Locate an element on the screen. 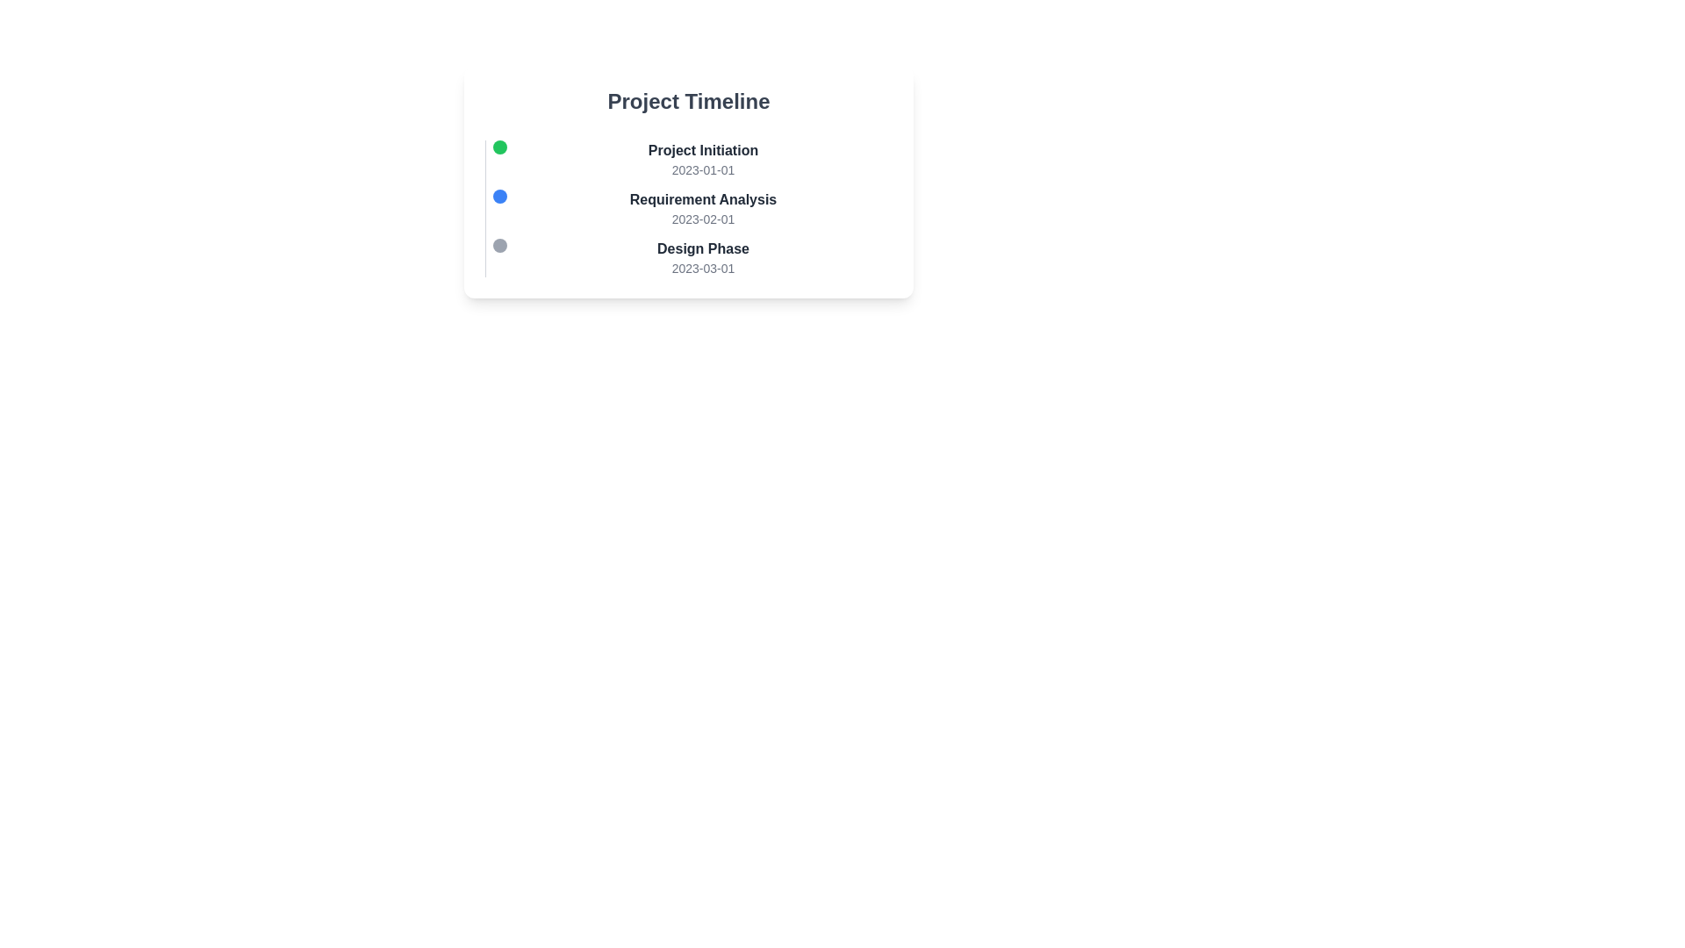 The image size is (1685, 948). the non-interactive text label that provides a title or label for the associated timeline phase, located in the first row of the timeline section, directly to the right of a green circular marker and above the date '2023-01-01' is located at coordinates (703, 150).